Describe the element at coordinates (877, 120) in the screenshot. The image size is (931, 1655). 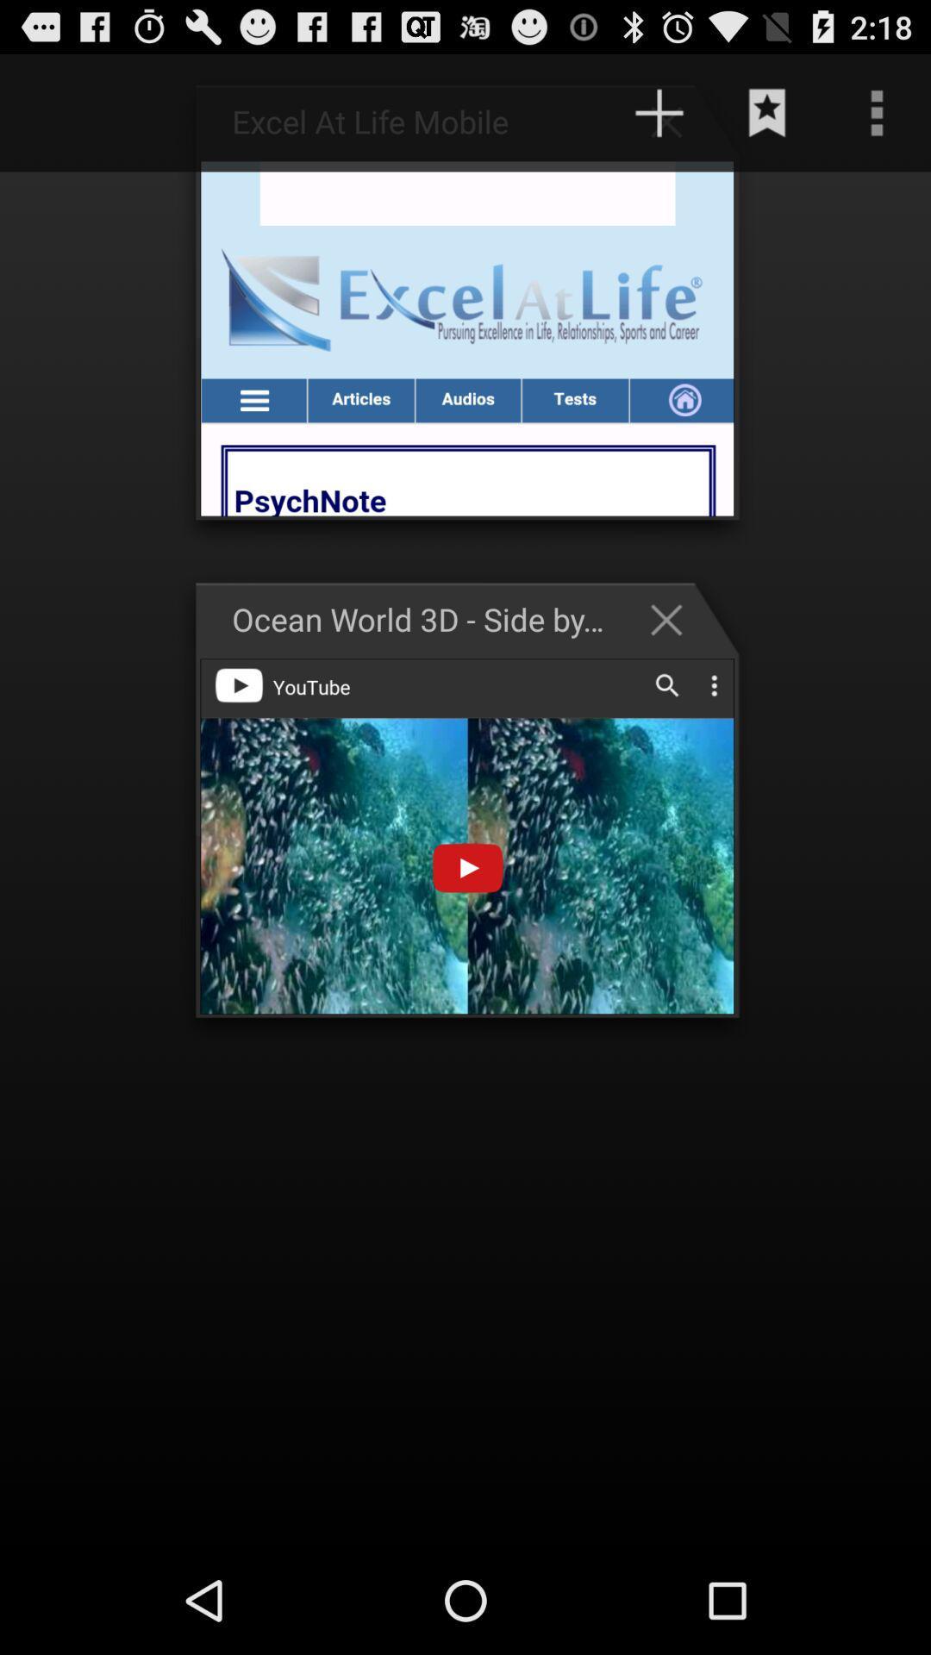
I see `the more icon` at that location.